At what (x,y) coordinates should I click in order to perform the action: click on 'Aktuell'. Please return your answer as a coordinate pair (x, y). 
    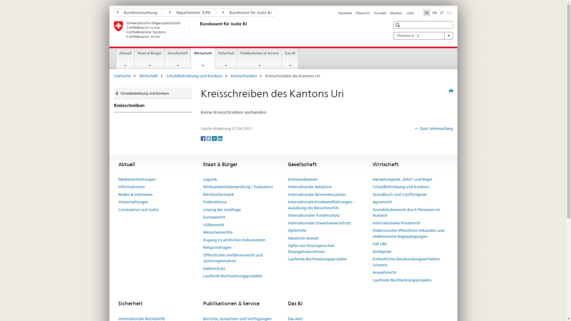
    Looking at the image, I should click on (125, 58).